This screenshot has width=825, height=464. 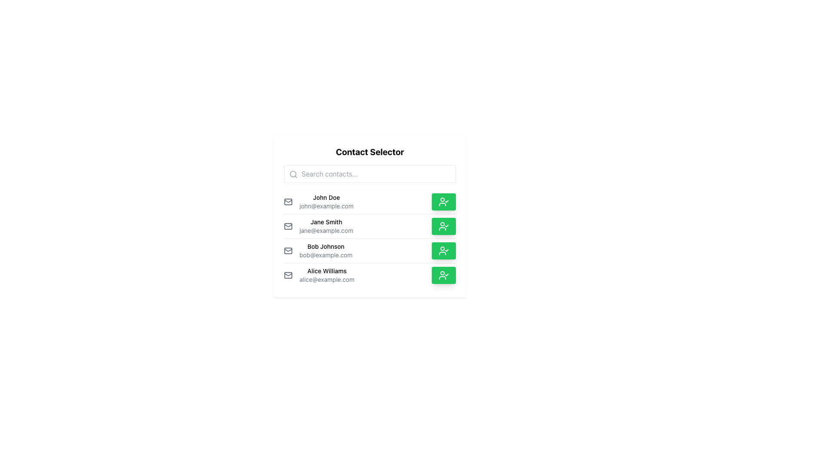 I want to click on the first user-check icon button corresponding to the contact 'John Doe' to trigger tooltip or highlight effects, so click(x=443, y=202).